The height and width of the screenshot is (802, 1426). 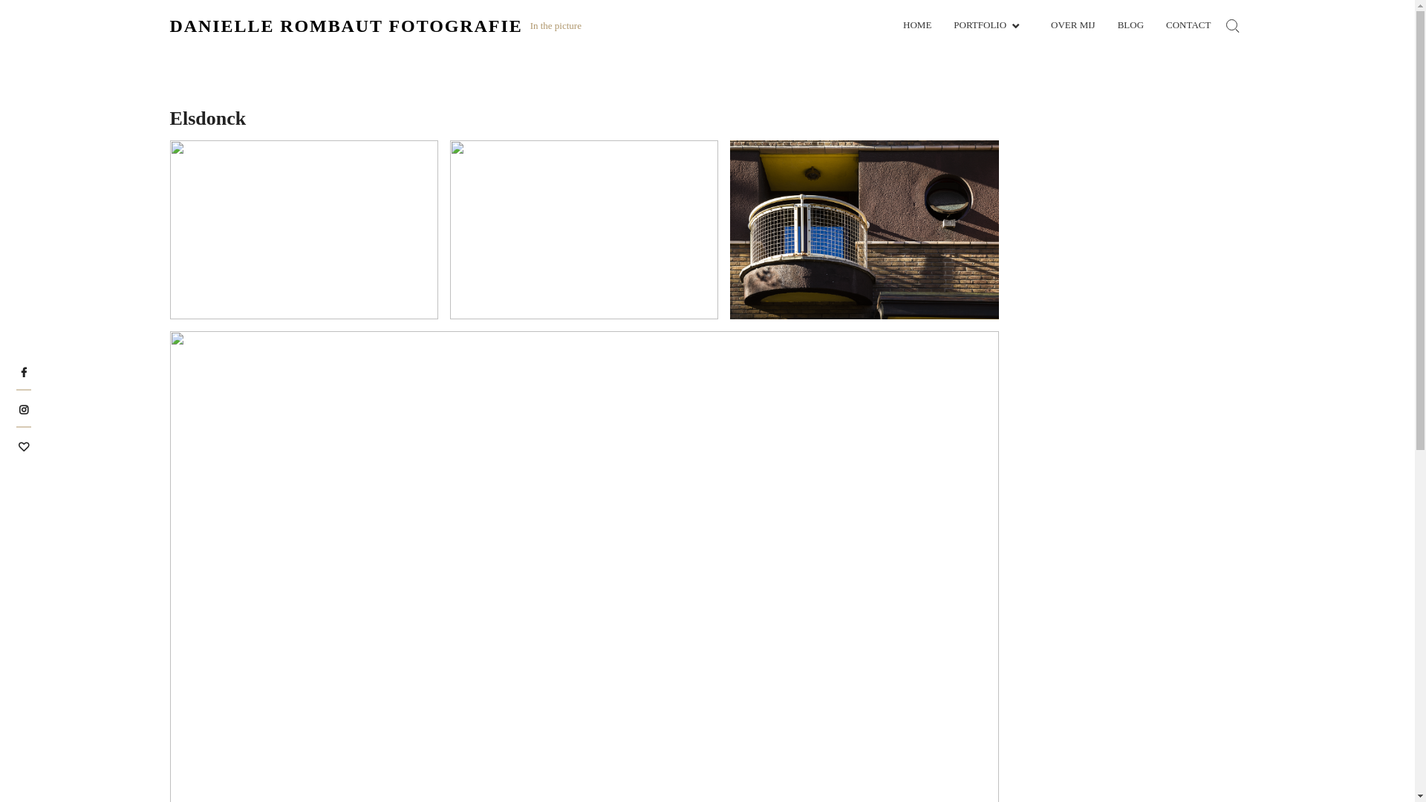 What do you see at coordinates (1072, 25) in the screenshot?
I see `'OVER MIJ'` at bounding box center [1072, 25].